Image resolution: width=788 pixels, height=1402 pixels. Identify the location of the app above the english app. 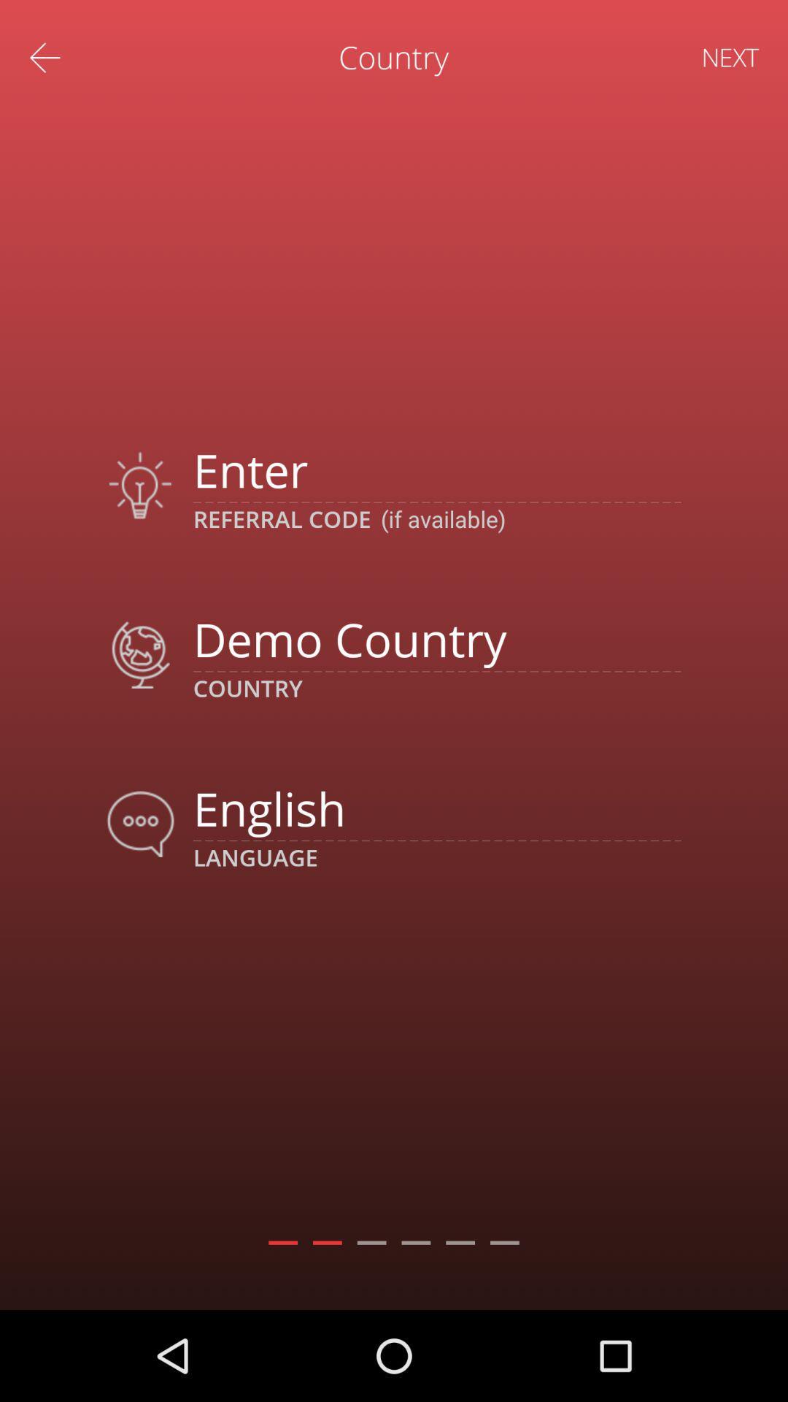
(436, 639).